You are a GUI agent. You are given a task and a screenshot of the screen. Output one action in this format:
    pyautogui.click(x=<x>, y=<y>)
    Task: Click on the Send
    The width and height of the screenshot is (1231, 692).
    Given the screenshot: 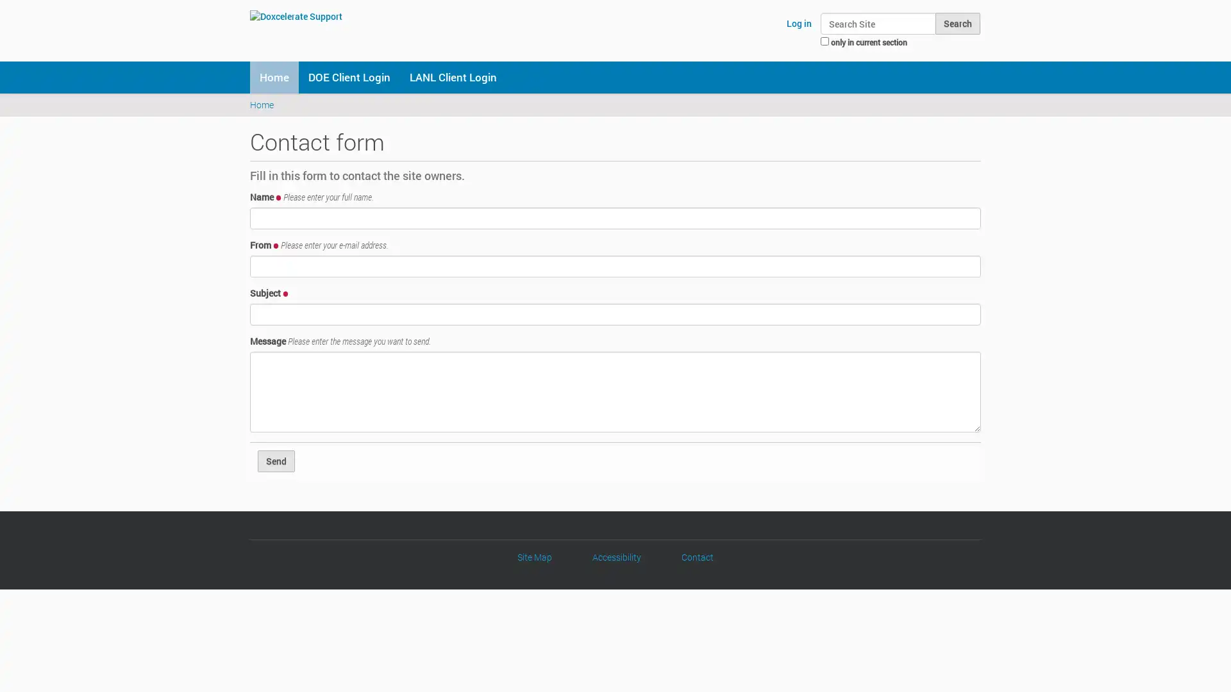 What is the action you would take?
    pyautogui.click(x=276, y=459)
    